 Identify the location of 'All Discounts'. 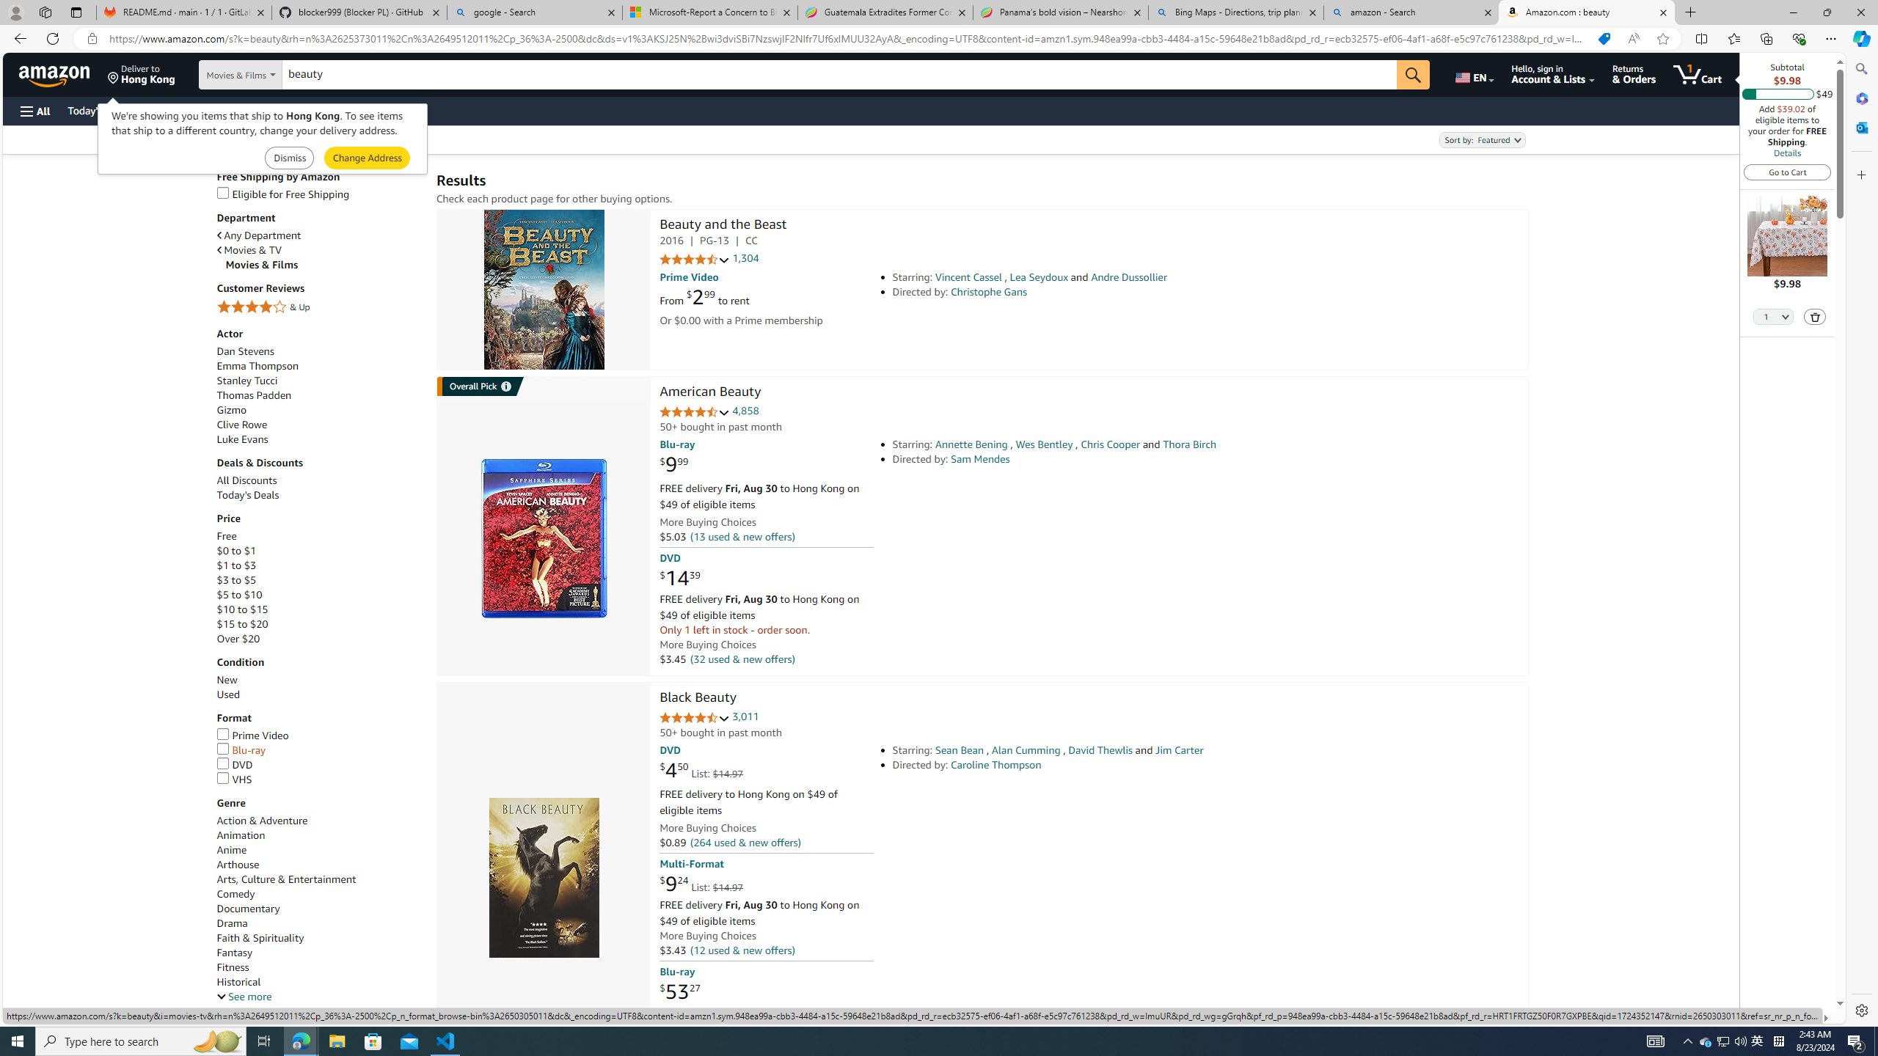
(246, 480).